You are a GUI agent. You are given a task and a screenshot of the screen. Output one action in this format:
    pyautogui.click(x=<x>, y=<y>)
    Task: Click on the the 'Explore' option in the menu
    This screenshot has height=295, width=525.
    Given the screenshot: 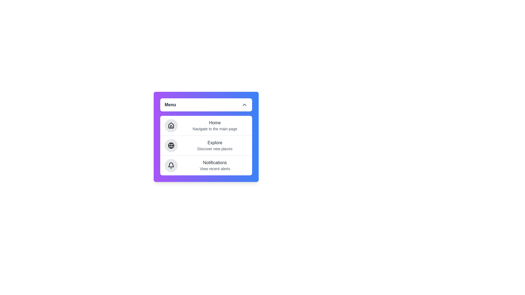 What is the action you would take?
    pyautogui.click(x=206, y=145)
    